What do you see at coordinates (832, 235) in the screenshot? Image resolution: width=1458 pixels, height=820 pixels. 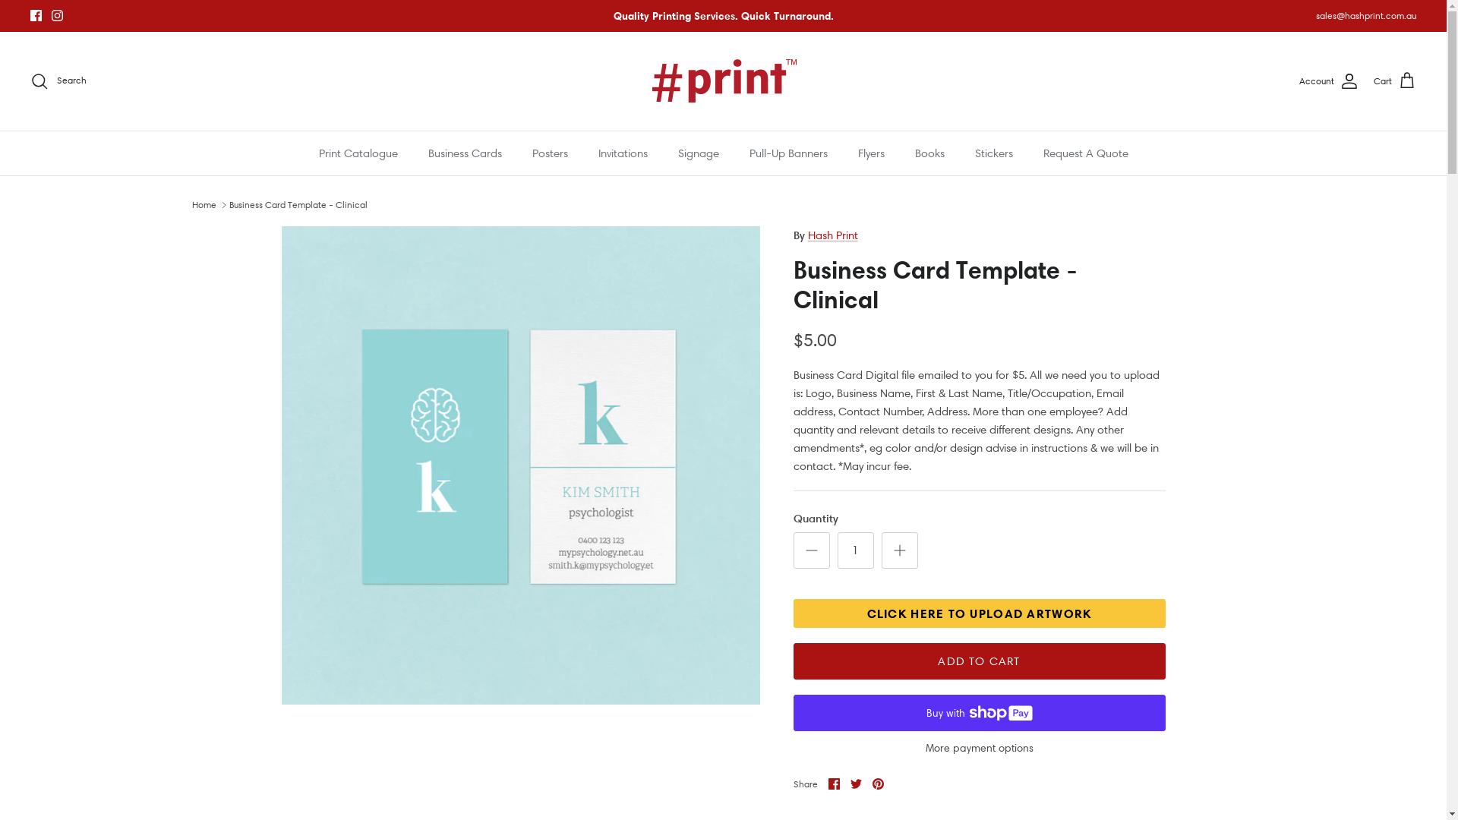 I see `'Hash Print'` at bounding box center [832, 235].